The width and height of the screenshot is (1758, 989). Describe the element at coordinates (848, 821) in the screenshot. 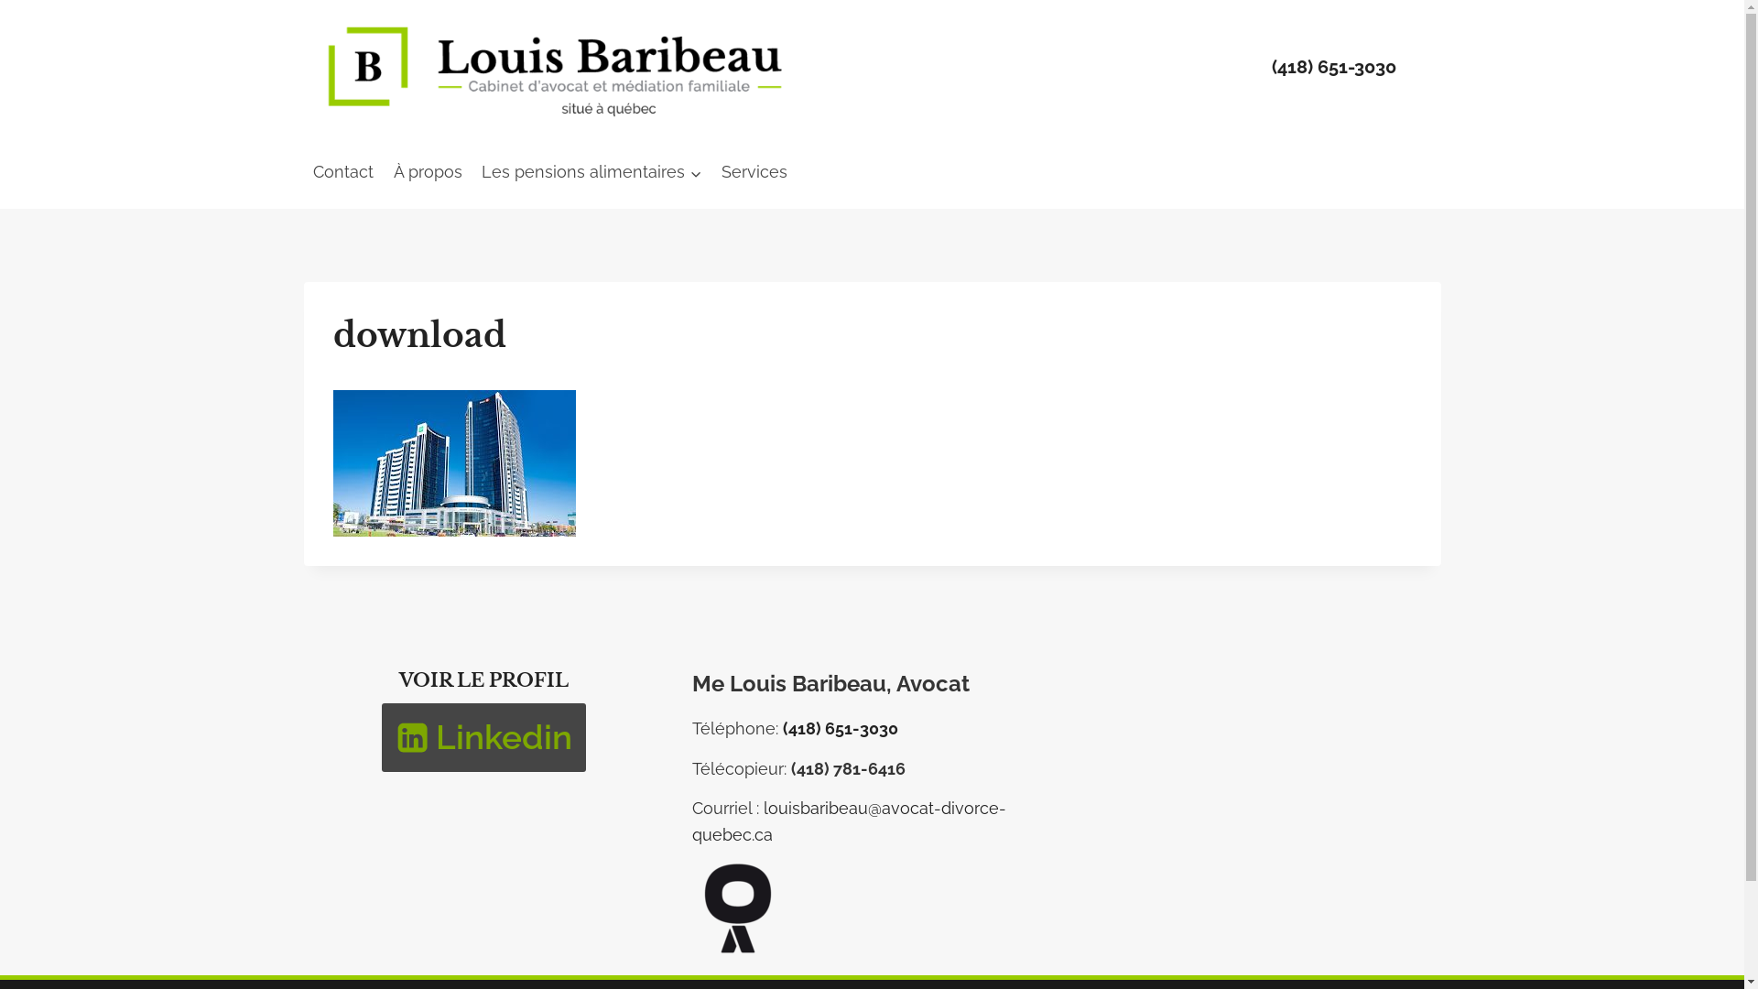

I see `'louisbaribeau@avocat-divorce-quebec.ca'` at that location.